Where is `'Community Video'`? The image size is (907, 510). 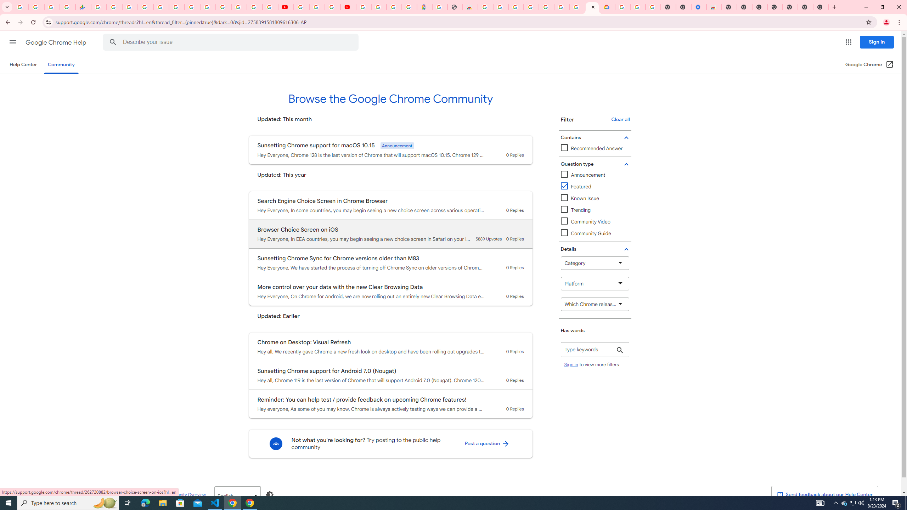 'Community Video' is located at coordinates (595, 221).